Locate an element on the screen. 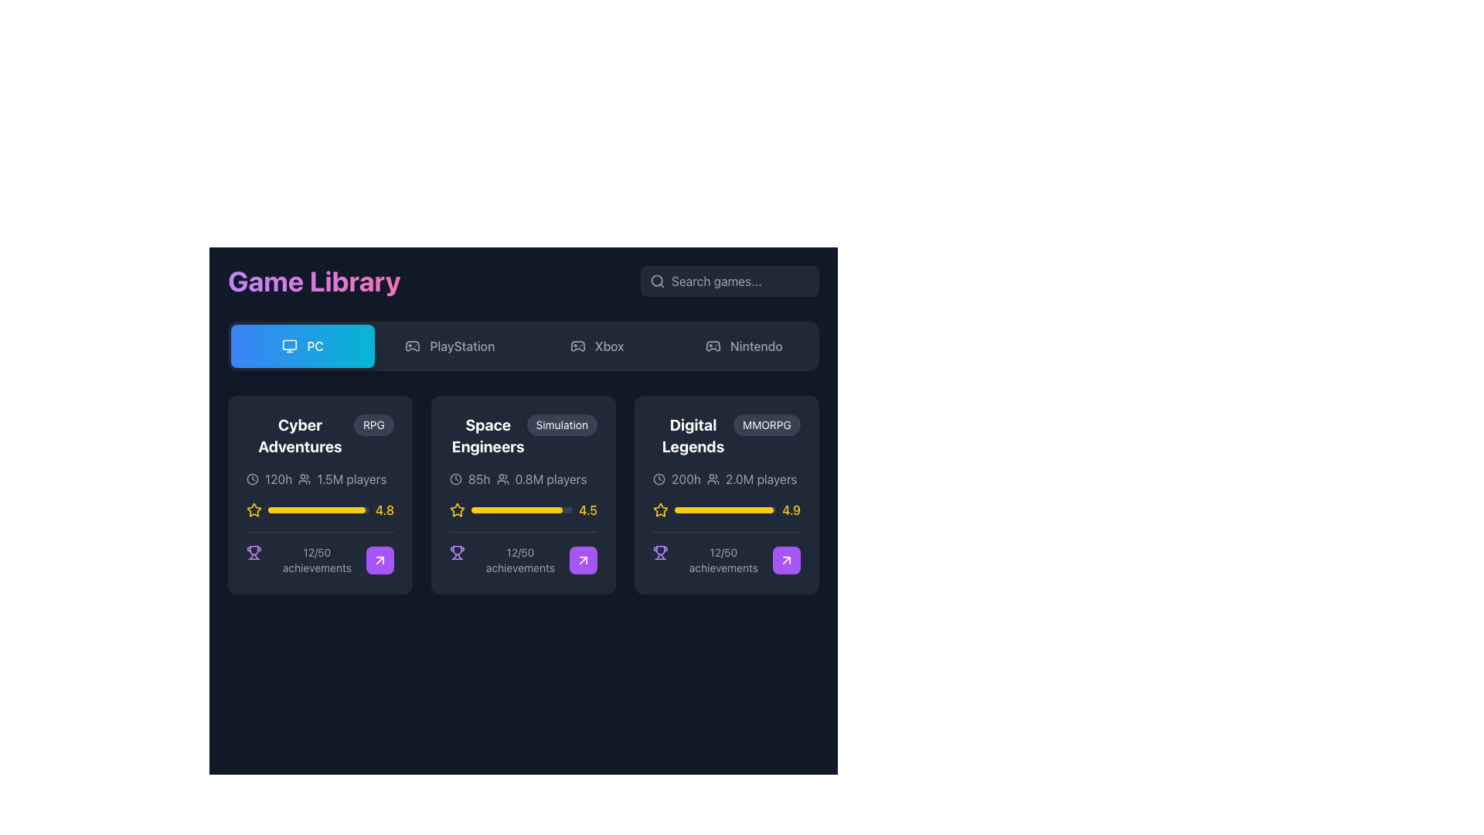  the Interactive Button located in the bottom-right section of the card under the 'Digital Legends' game details for accessibility navigation is located at coordinates (786, 561).